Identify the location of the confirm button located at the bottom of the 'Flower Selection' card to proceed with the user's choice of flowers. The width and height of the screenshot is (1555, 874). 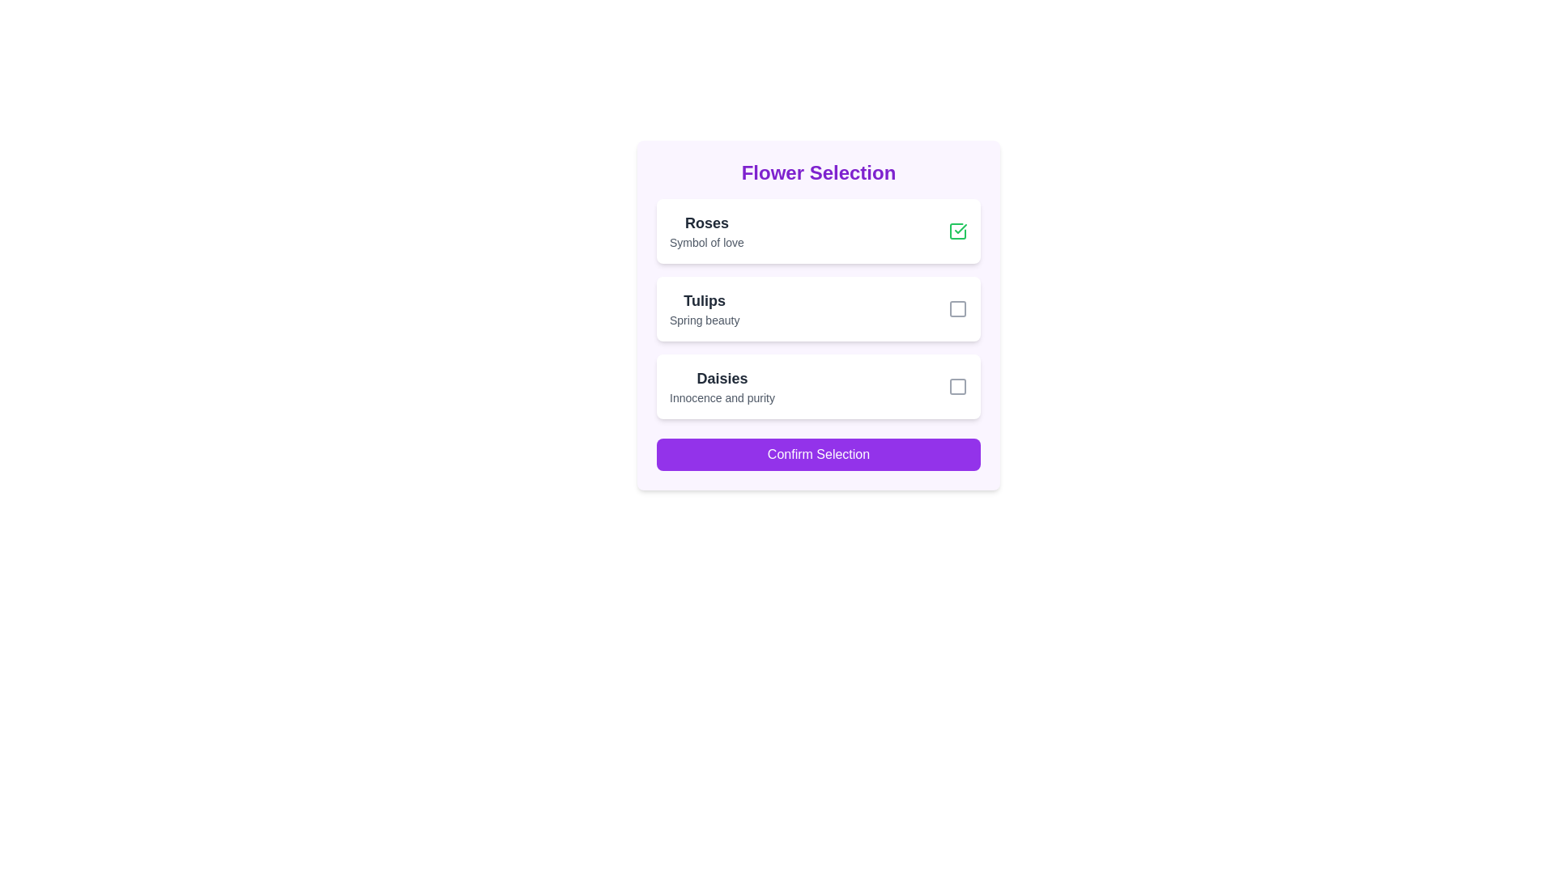
(819, 455).